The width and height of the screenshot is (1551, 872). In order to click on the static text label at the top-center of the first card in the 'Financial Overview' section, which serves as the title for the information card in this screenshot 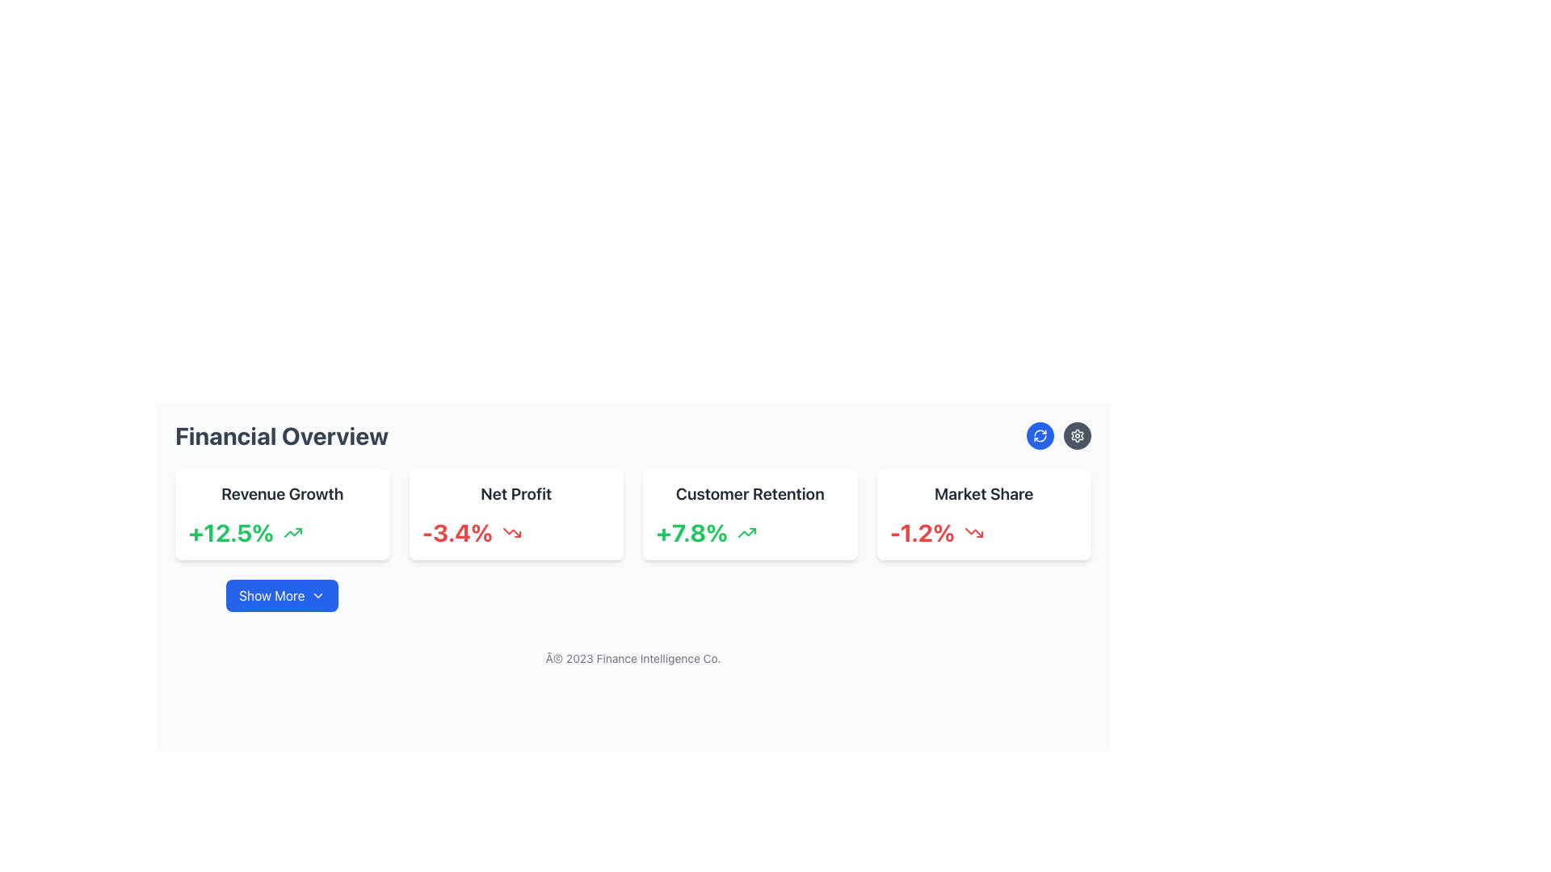, I will do `click(282, 493)`.